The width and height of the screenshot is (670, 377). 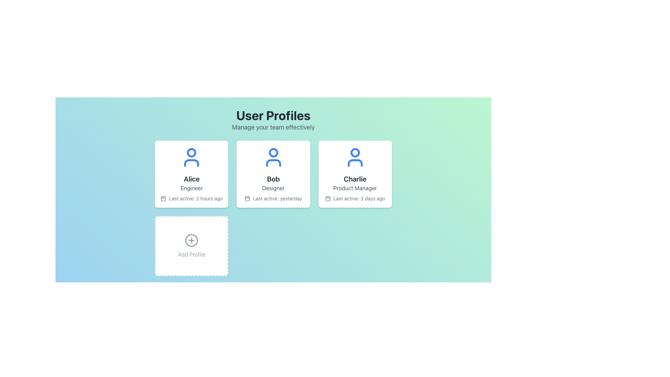 I want to click on the text label reading 'Product Manager', which is styled in gray and located beneath the name 'Charlie' in the third user profile card, so click(x=355, y=188).